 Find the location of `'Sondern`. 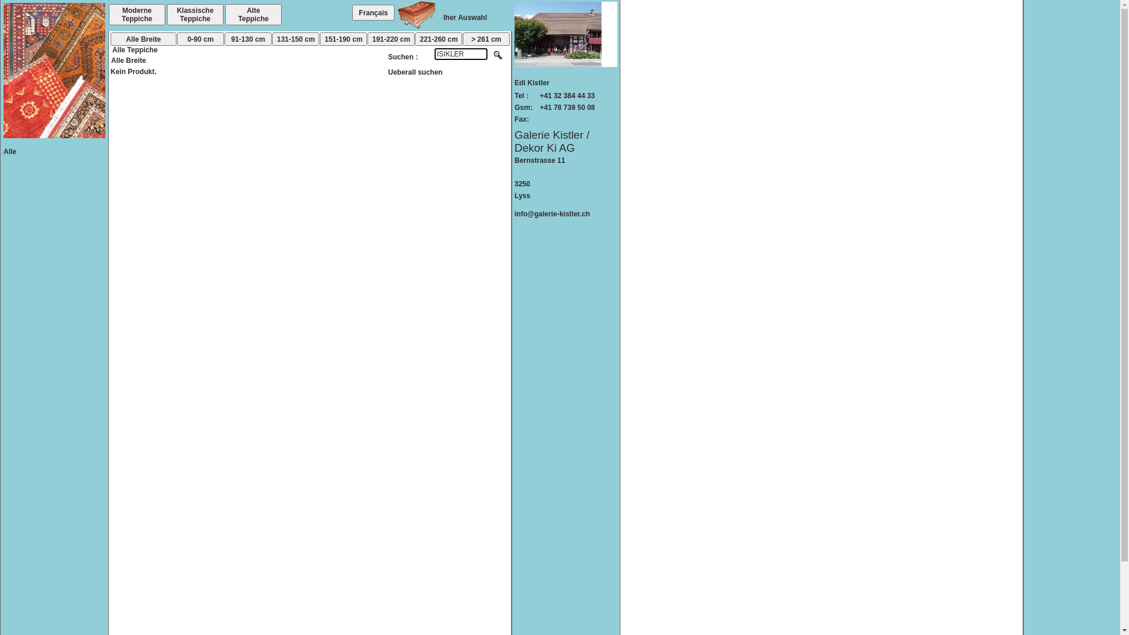

'Sondern is located at coordinates (311, 14).